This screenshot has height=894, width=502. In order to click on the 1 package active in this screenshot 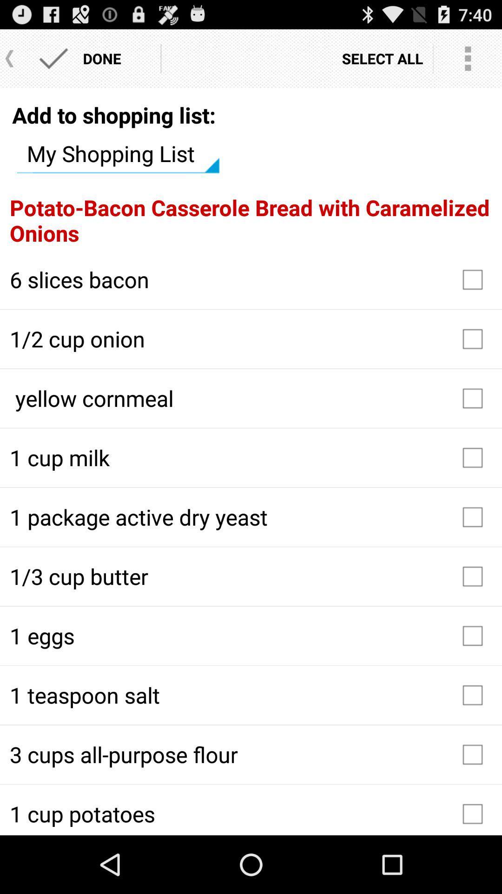, I will do `click(251, 516)`.